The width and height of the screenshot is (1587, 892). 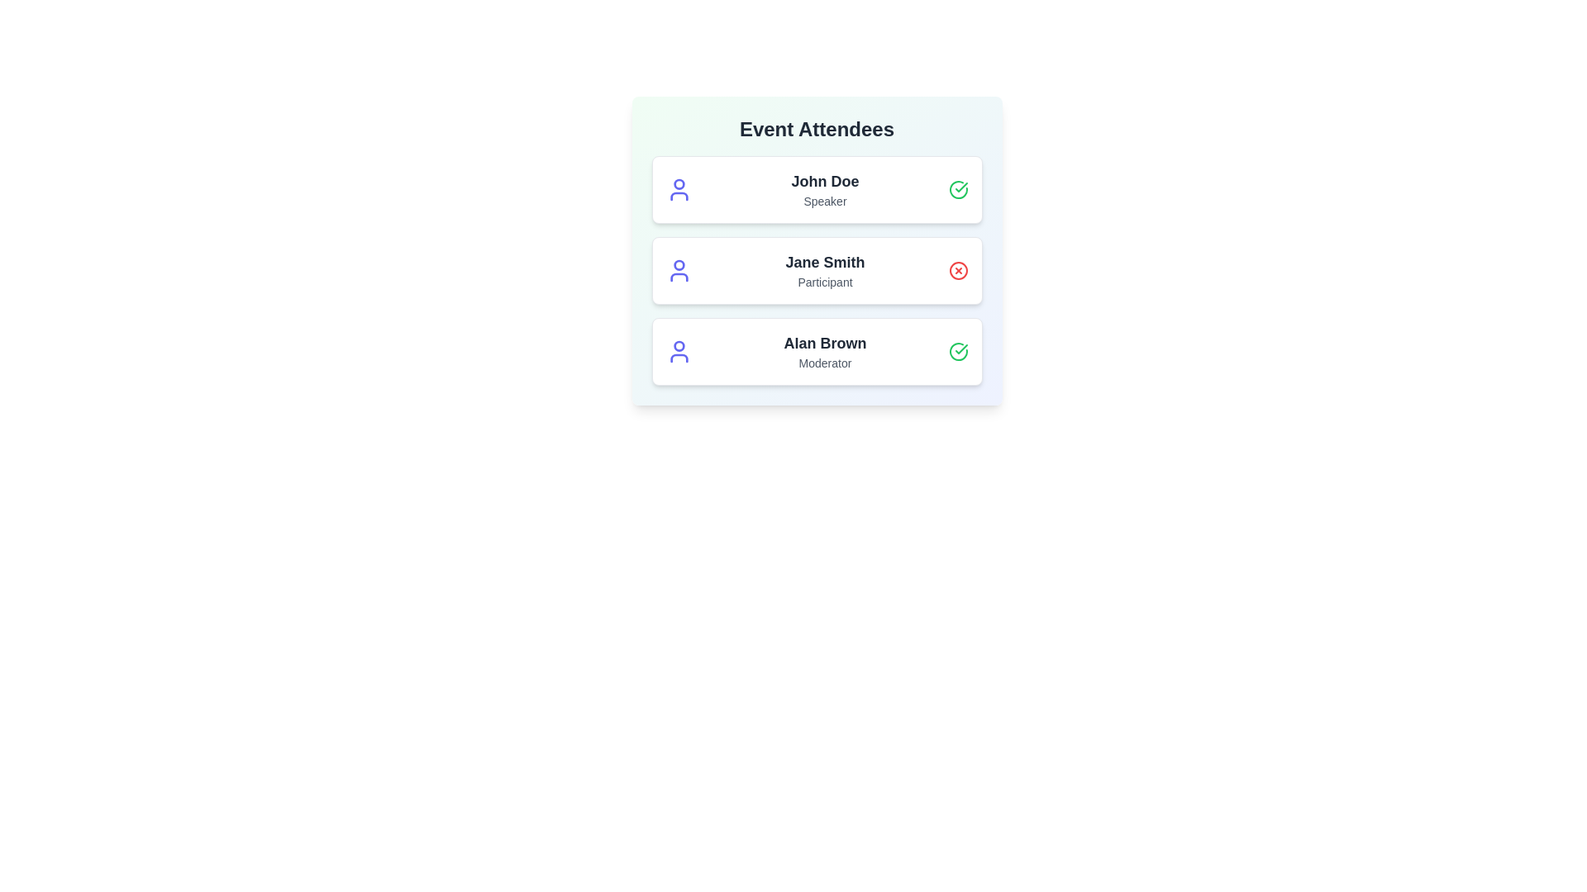 What do you see at coordinates (958, 189) in the screenshot?
I see `the status icon for John Doe to toggle their attendance status` at bounding box center [958, 189].